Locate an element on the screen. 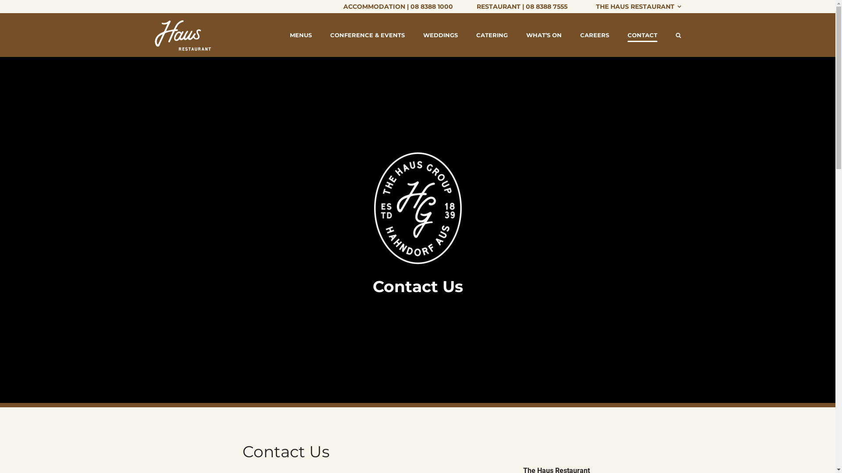 The width and height of the screenshot is (842, 473). 'MENUS' is located at coordinates (300, 35).